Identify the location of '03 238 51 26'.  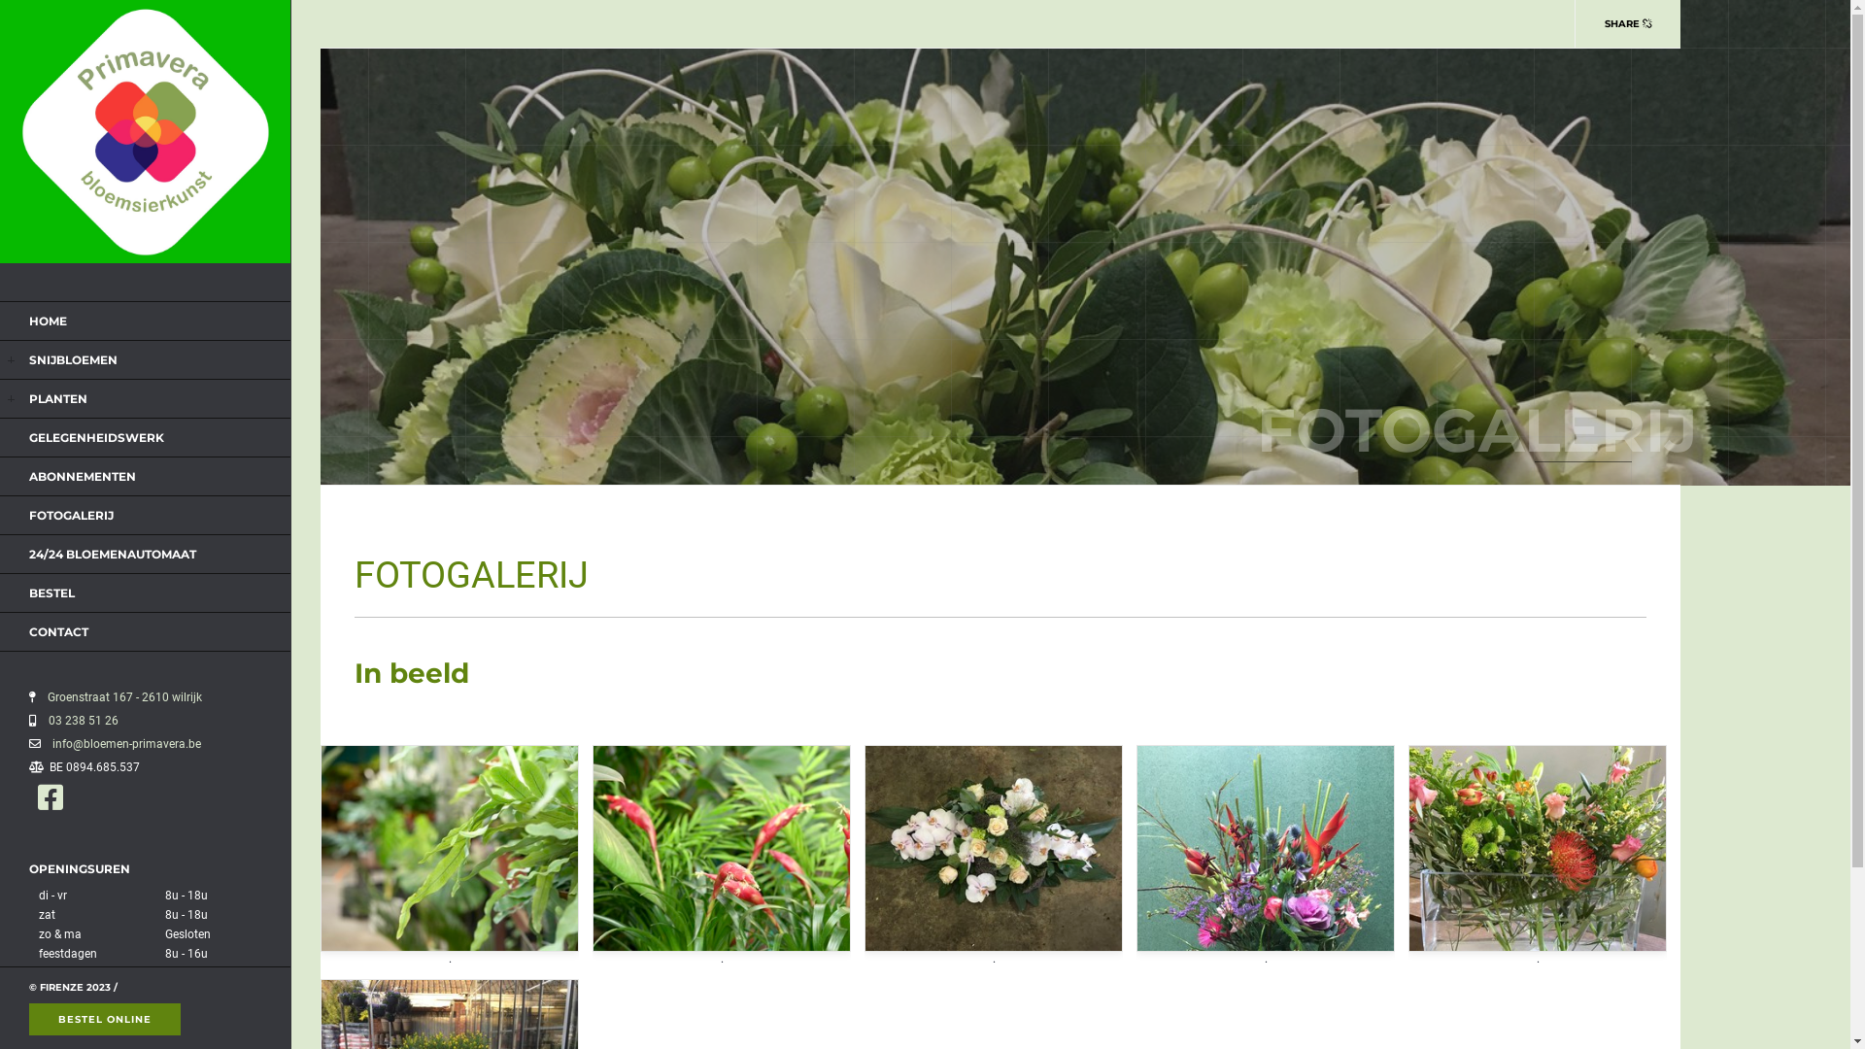
(78, 720).